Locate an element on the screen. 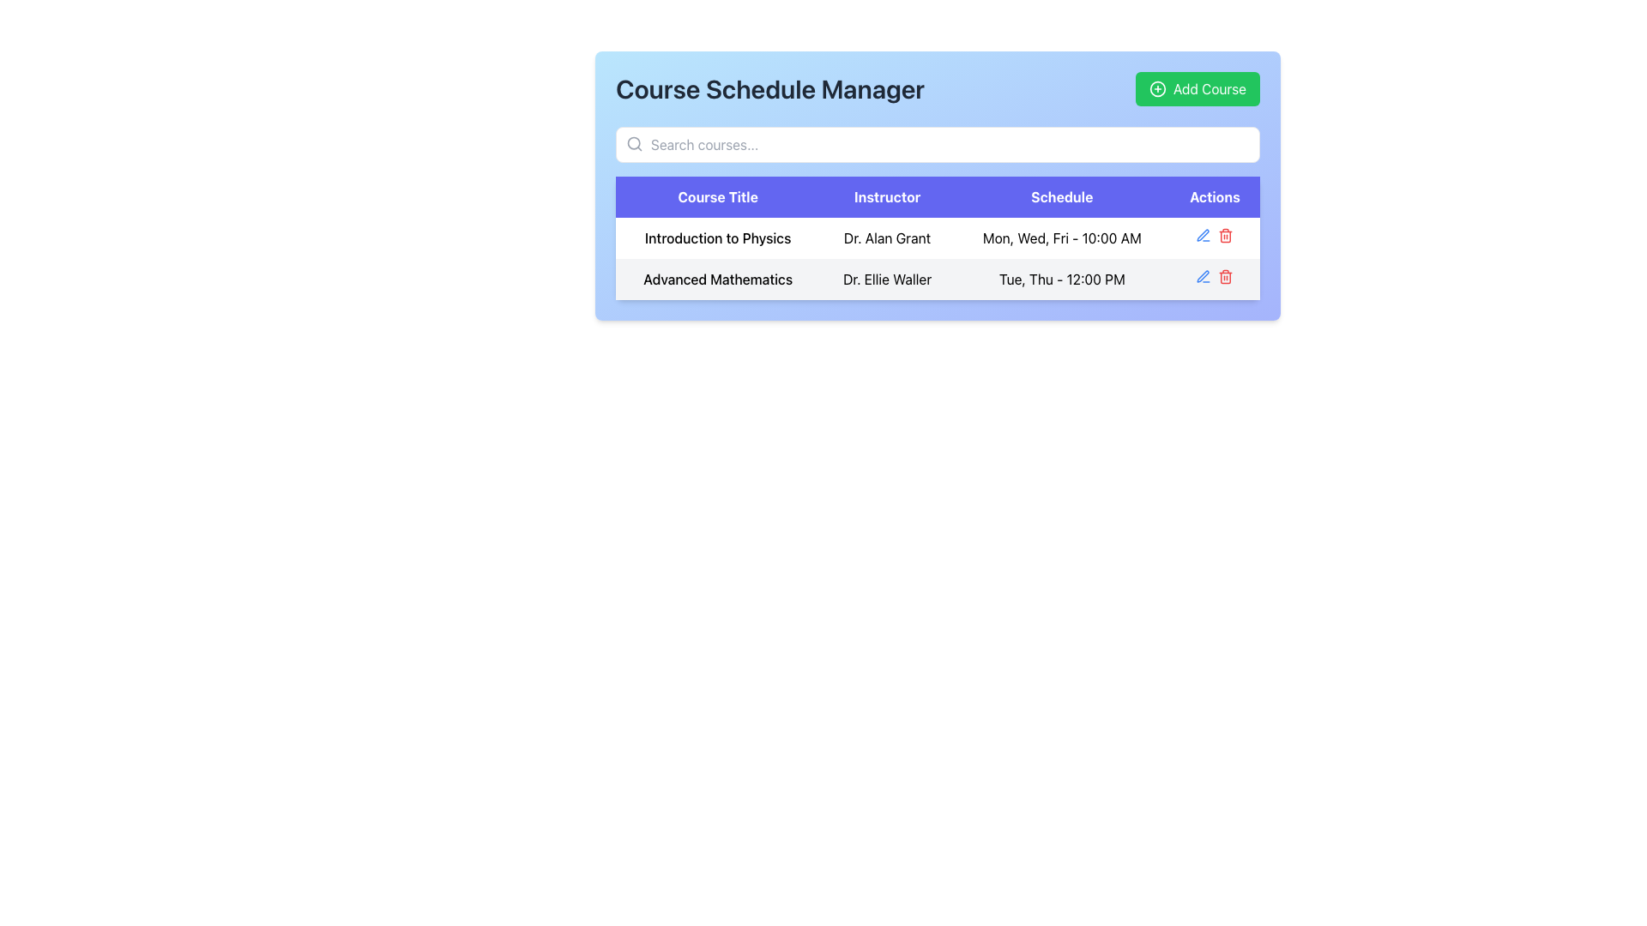  table header row with a blue background and white text containing 'Course Title', 'Instructor', 'Schedule', and 'Actions' is located at coordinates (937, 196).